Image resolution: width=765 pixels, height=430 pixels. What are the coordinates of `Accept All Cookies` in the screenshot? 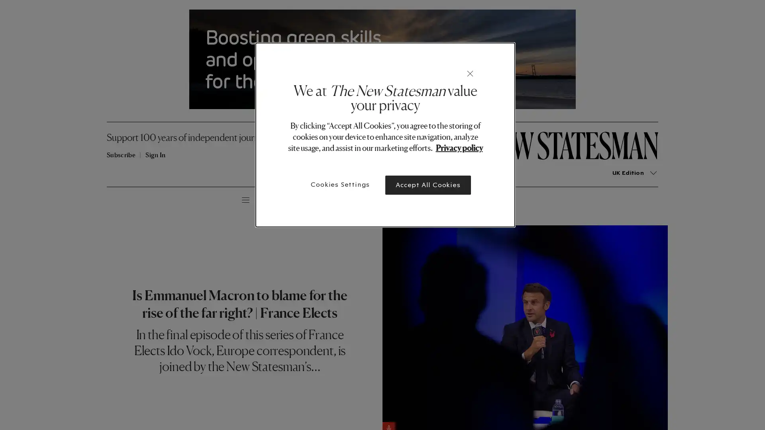 It's located at (428, 185).